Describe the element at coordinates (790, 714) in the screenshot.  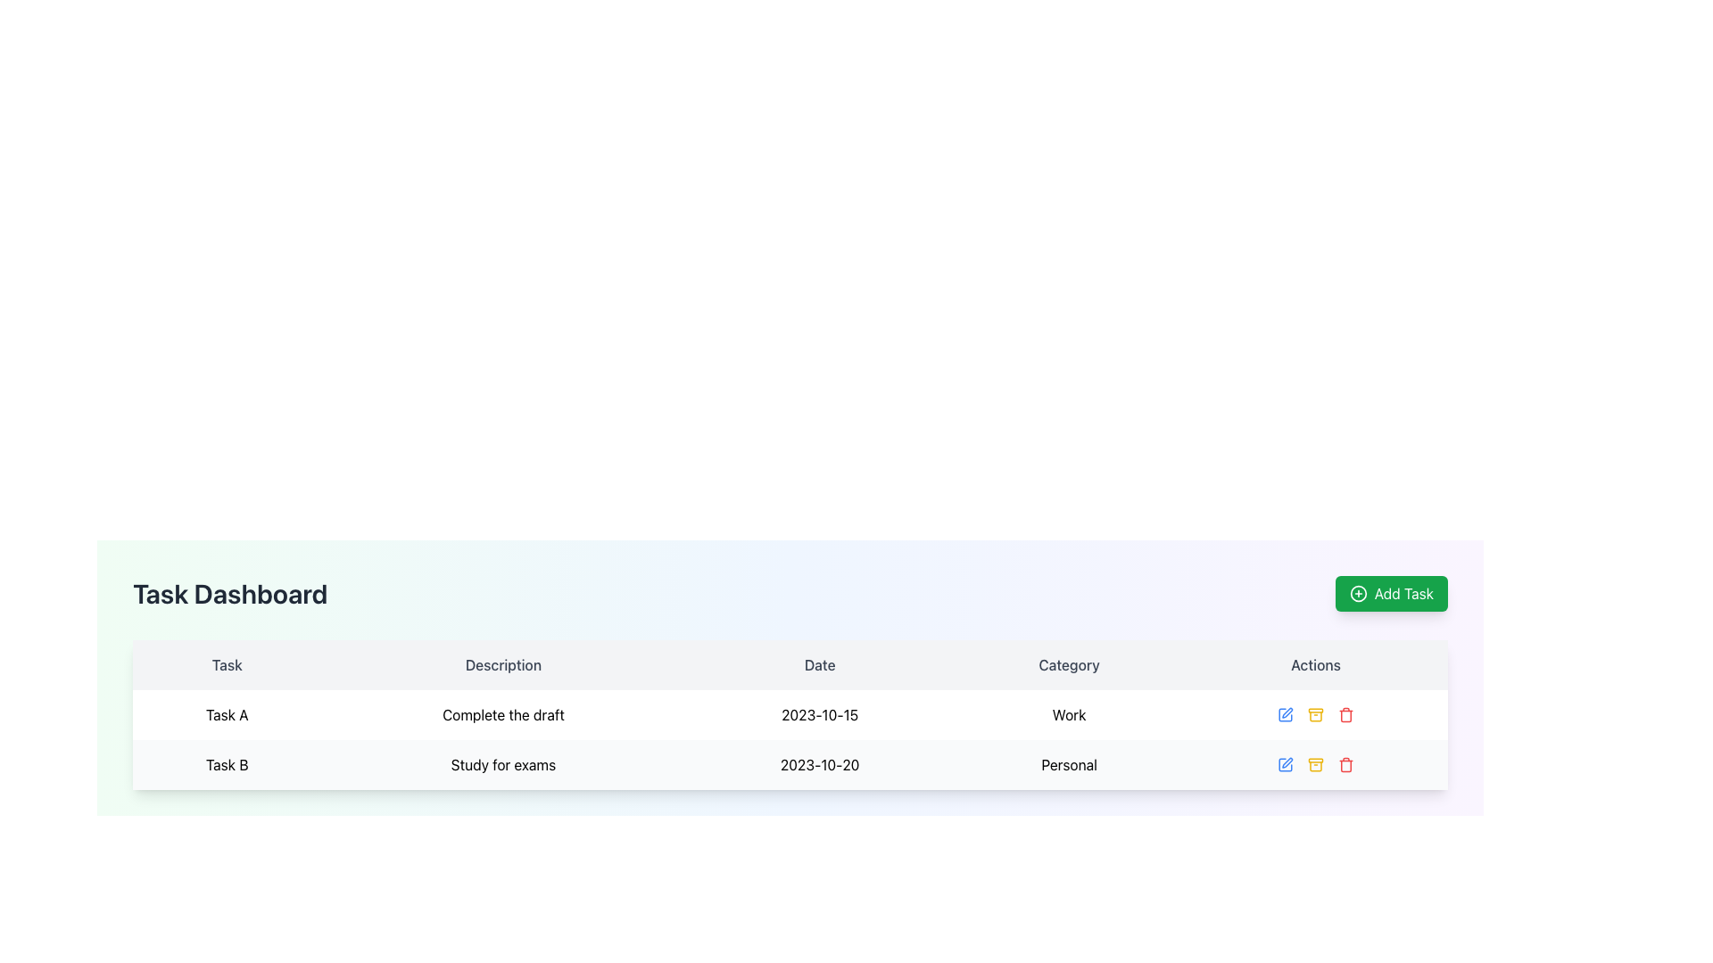
I see `the task entry in the second row of the task dashboard table, which provides details about a specific task and options for actions` at that location.